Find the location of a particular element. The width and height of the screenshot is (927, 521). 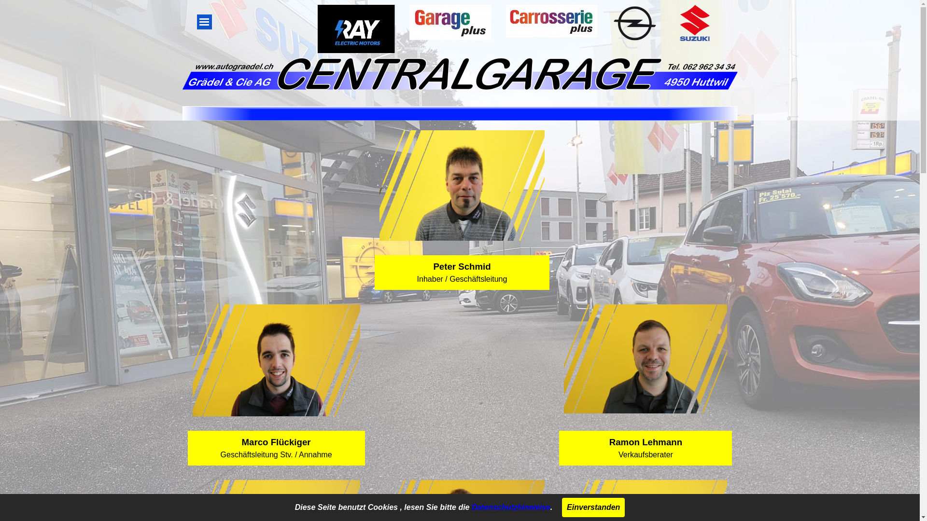

'Carrosserie Plus' is located at coordinates (505, 21).